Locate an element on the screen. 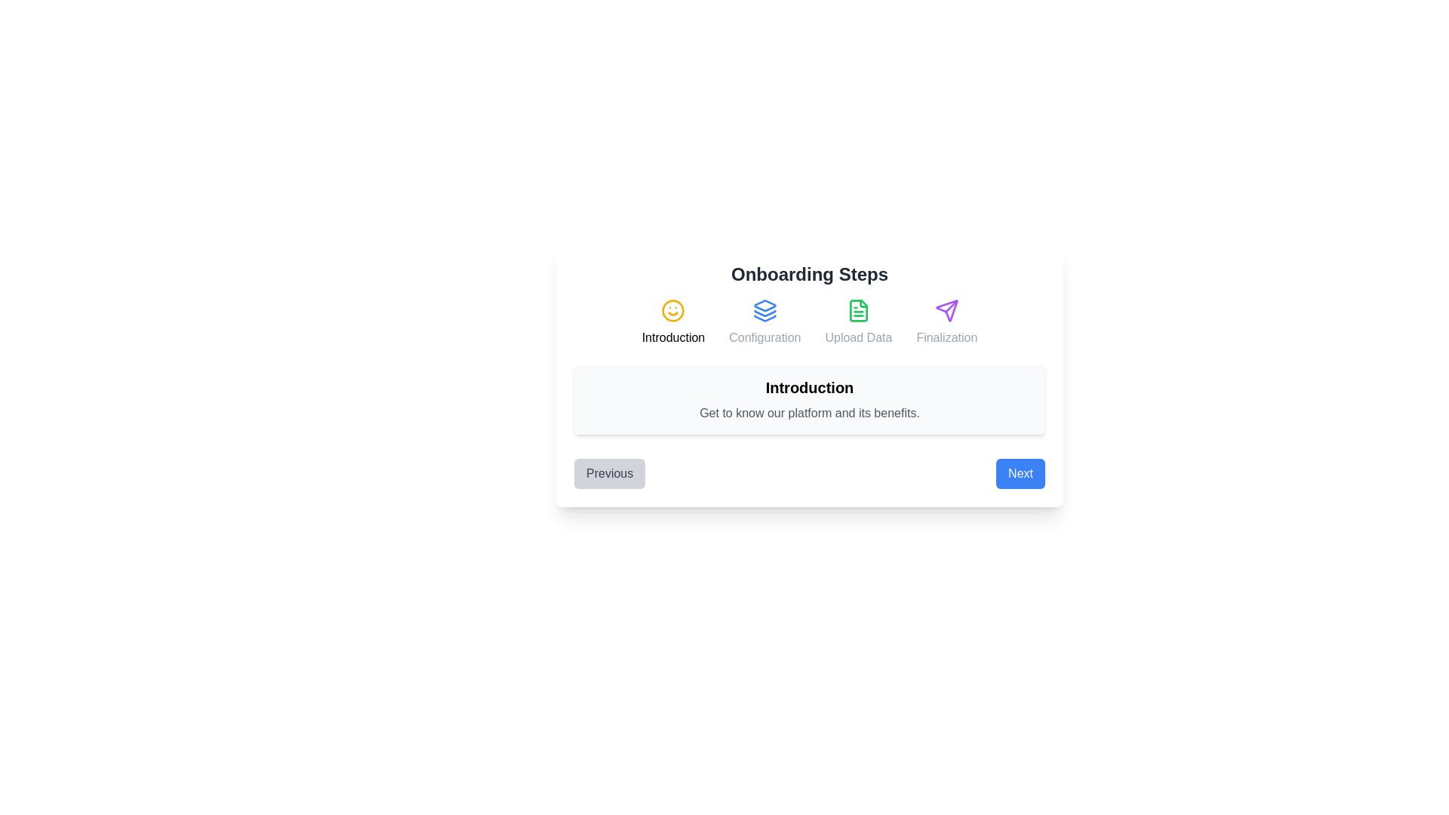 This screenshot has width=1449, height=815. the 'Upload Data' icon, which is a green file document outline with text, located under the 'Onboarding Steps' header as the third item in the list is located at coordinates (858, 322).